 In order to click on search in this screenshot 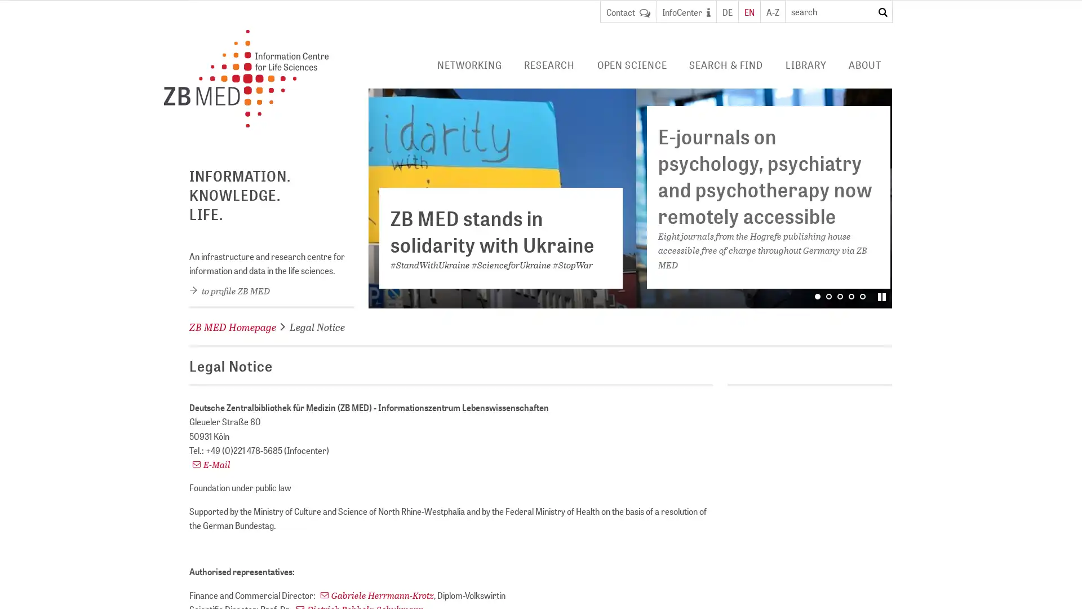, I will do `click(882, 12)`.